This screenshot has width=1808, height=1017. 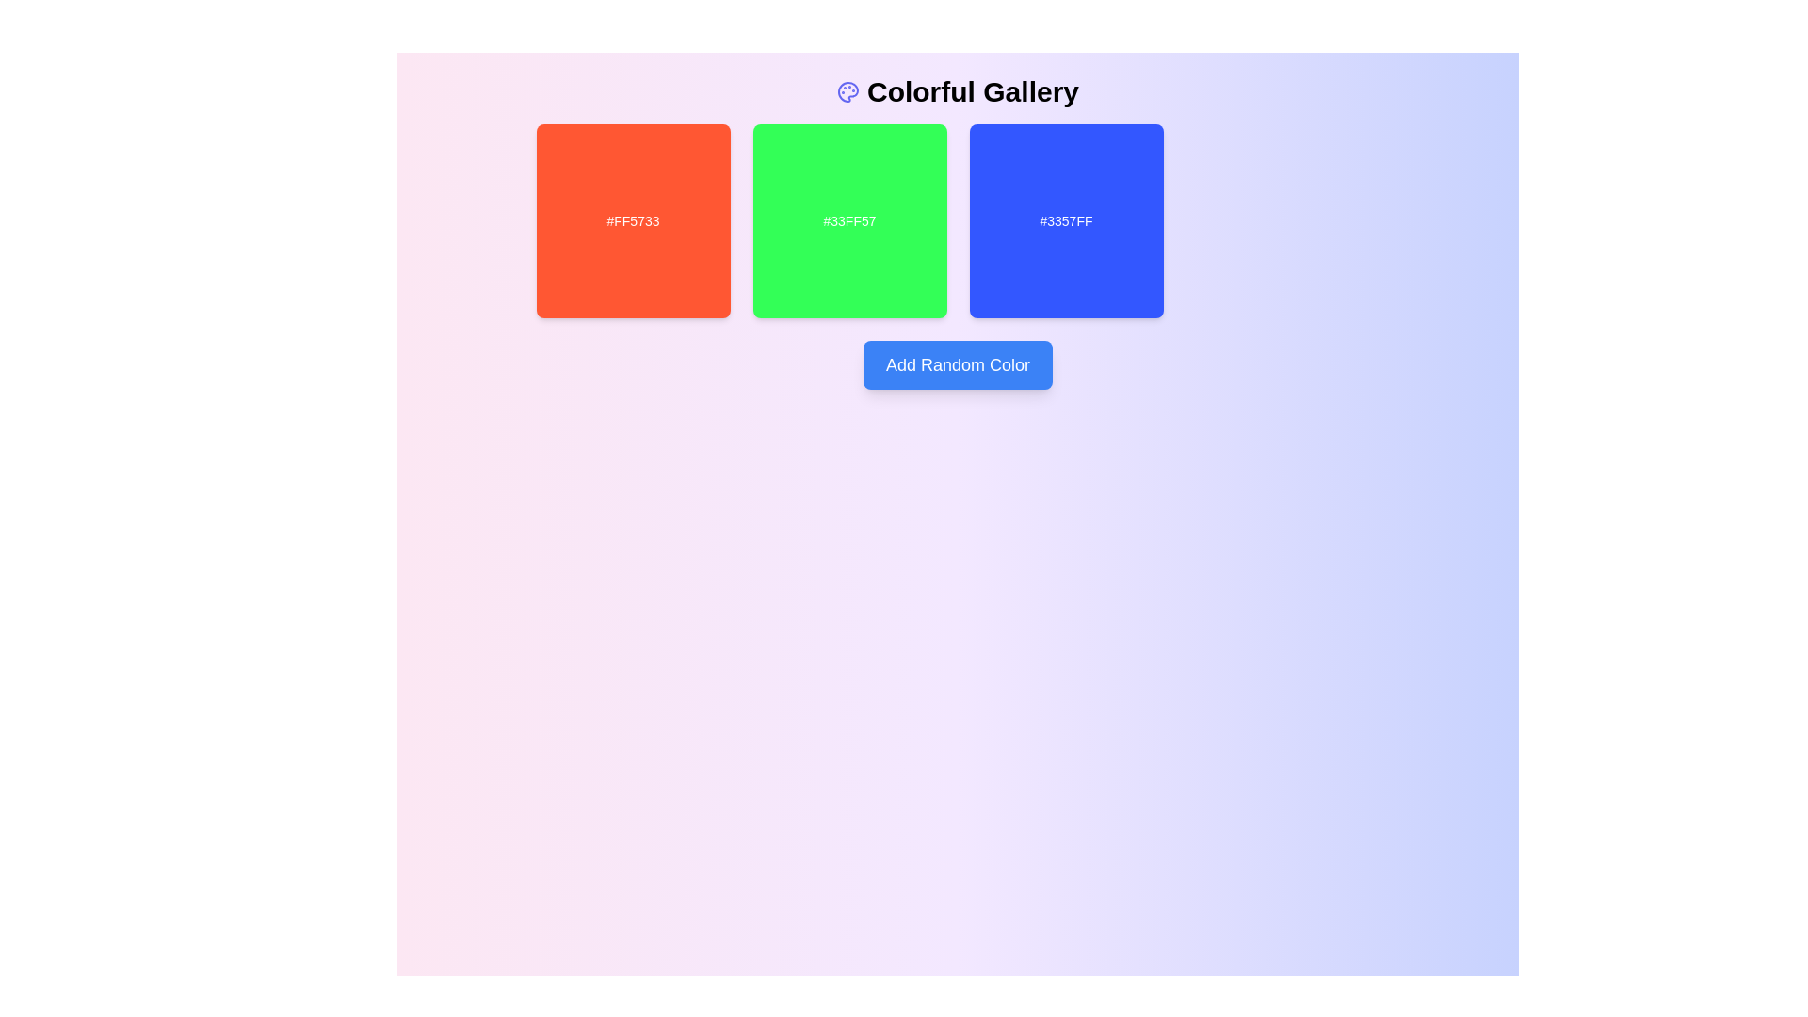 What do you see at coordinates (847, 91) in the screenshot?
I see `the color palette icon located to the left of the 'Colorful Gallery' heading in the header section` at bounding box center [847, 91].